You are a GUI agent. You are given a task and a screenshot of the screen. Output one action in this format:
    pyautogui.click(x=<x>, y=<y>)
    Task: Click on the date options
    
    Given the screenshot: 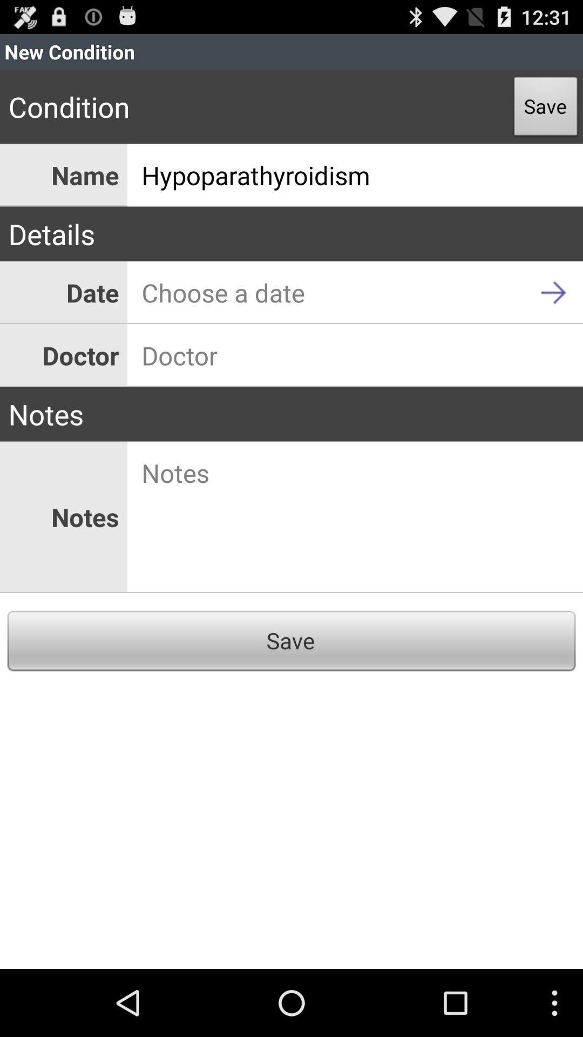 What is the action you would take?
    pyautogui.click(x=355, y=292)
    